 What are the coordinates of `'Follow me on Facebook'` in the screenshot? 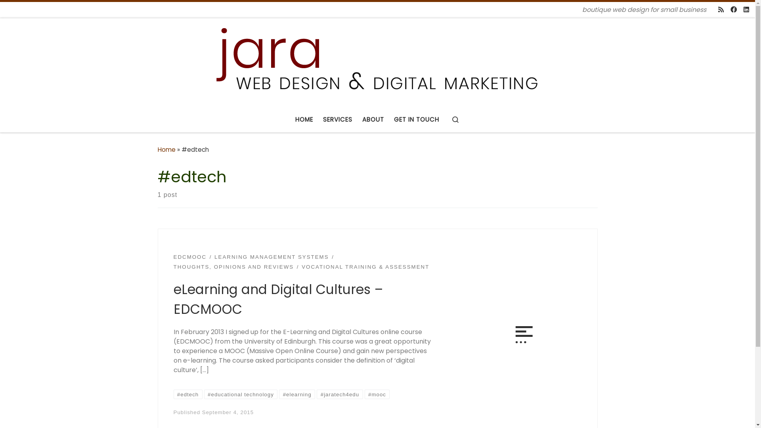 It's located at (733, 10).